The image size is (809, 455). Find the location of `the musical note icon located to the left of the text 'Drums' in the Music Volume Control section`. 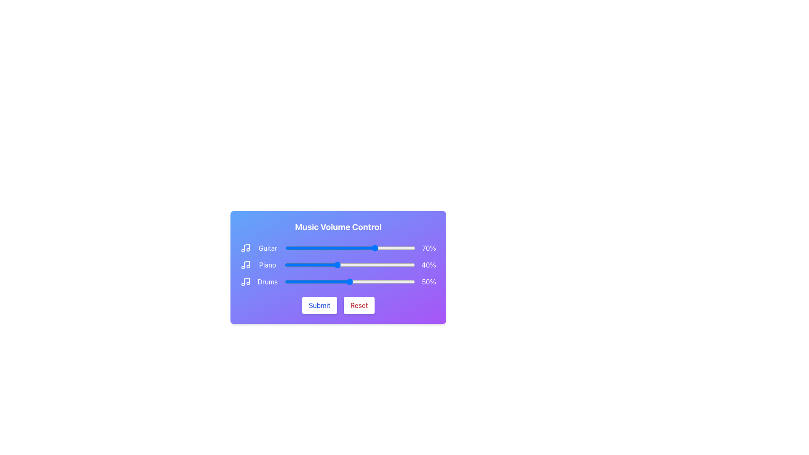

the musical note icon located to the left of the text 'Drums' in the Music Volume Control section is located at coordinates (245, 281).